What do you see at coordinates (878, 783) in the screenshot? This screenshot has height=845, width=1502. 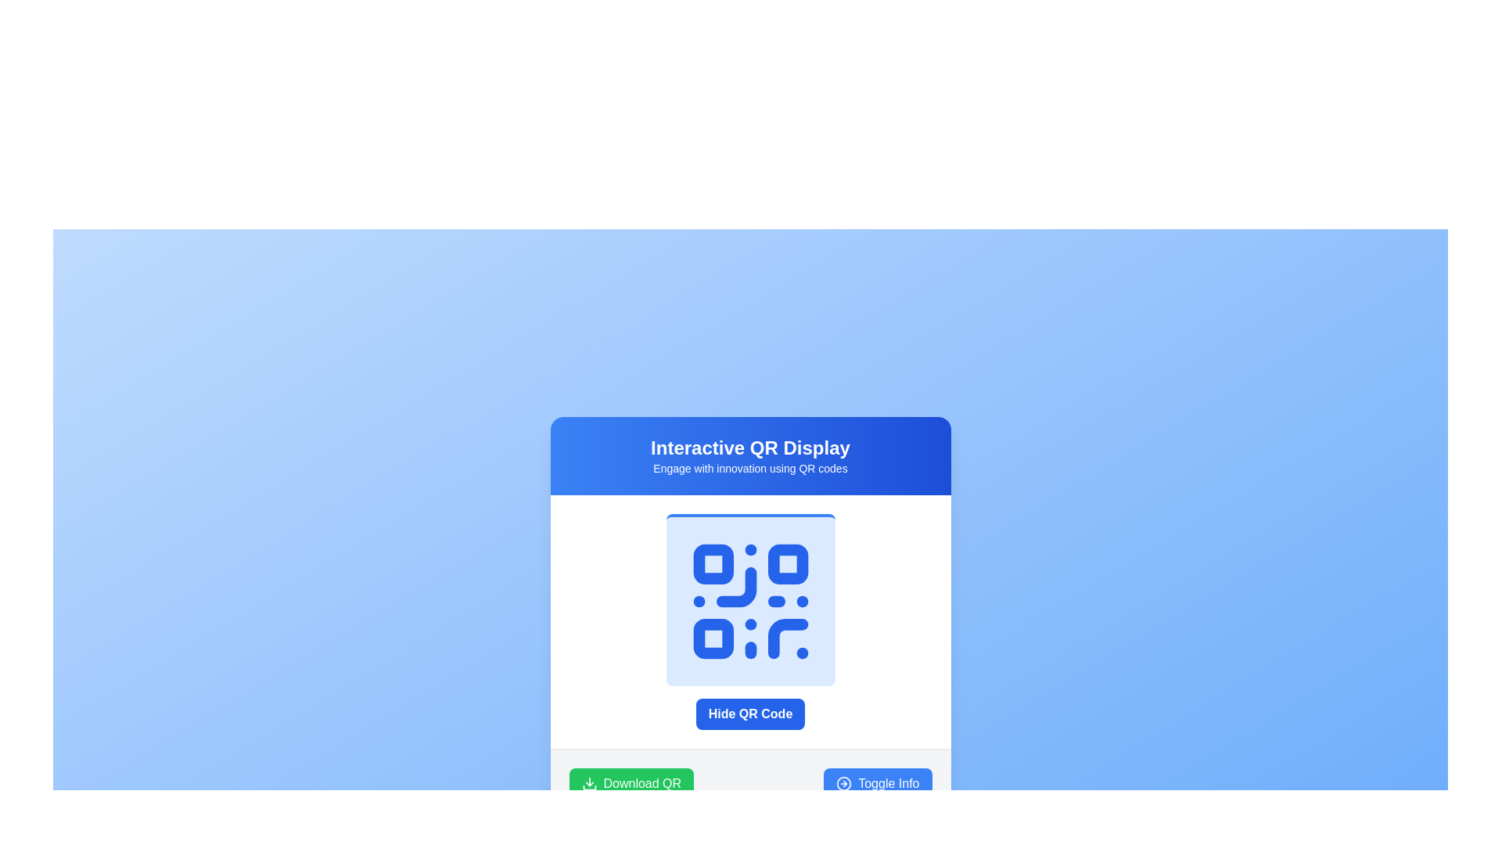 I see `the second button in the bottom-right corner of the section` at bounding box center [878, 783].